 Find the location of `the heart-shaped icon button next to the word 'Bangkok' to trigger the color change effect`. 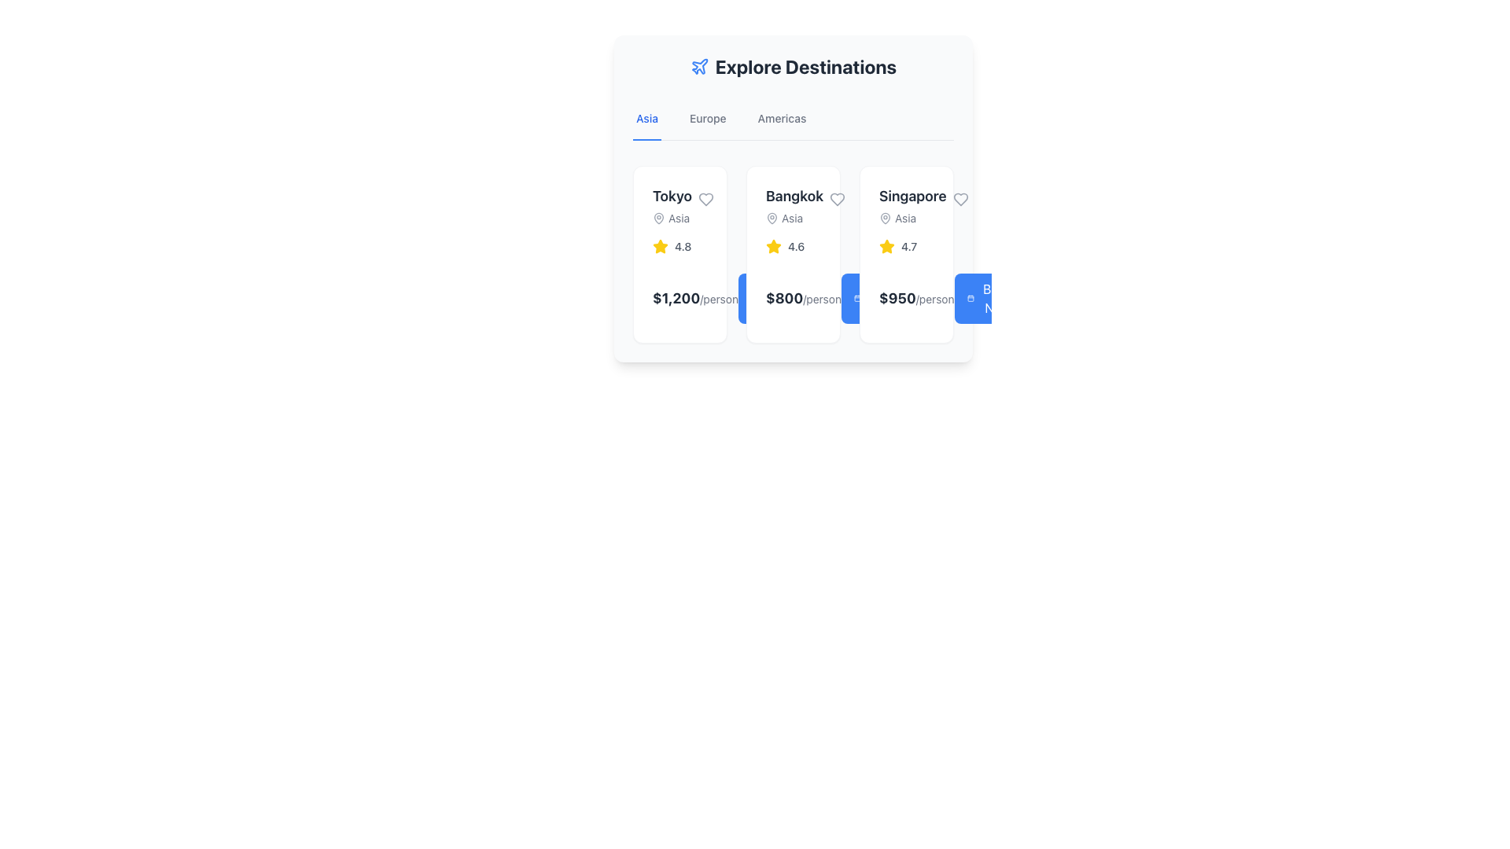

the heart-shaped icon button next to the word 'Bangkok' to trigger the color change effect is located at coordinates (837, 199).